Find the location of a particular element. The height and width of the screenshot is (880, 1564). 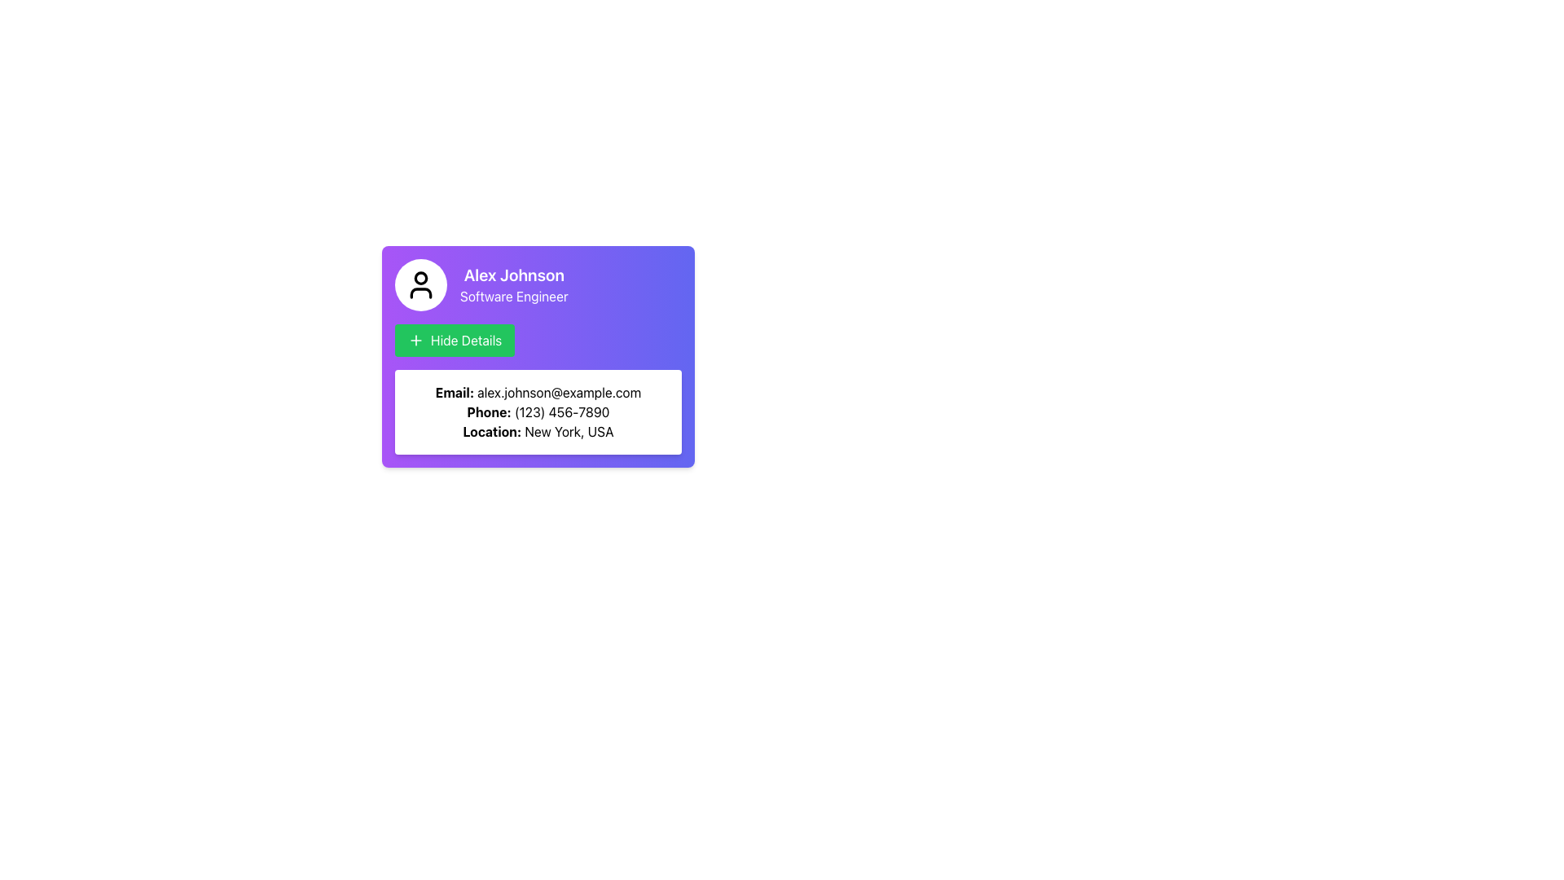

the plus sign icon located to the left of the 'Hide Details' text on the green button with rounded corners is located at coordinates (415, 339).